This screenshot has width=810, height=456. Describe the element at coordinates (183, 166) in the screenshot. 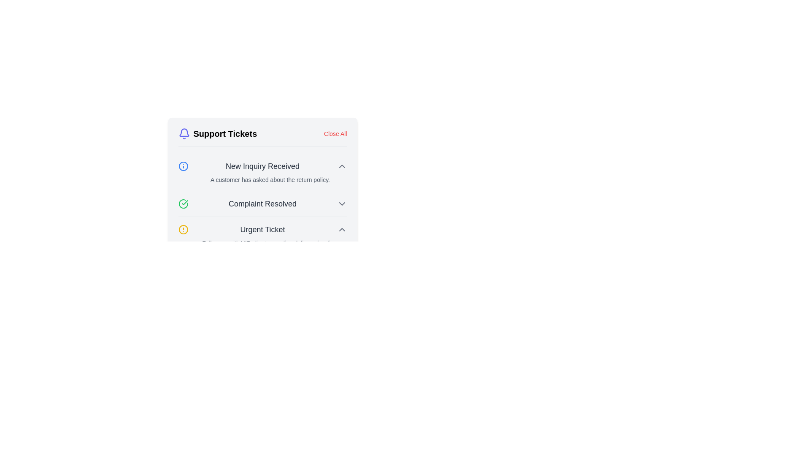

I see `the circular icon with a bold blue outline and white interior, which serves as the visual indicator for the 'New Inquiry Received' notification entry` at that location.